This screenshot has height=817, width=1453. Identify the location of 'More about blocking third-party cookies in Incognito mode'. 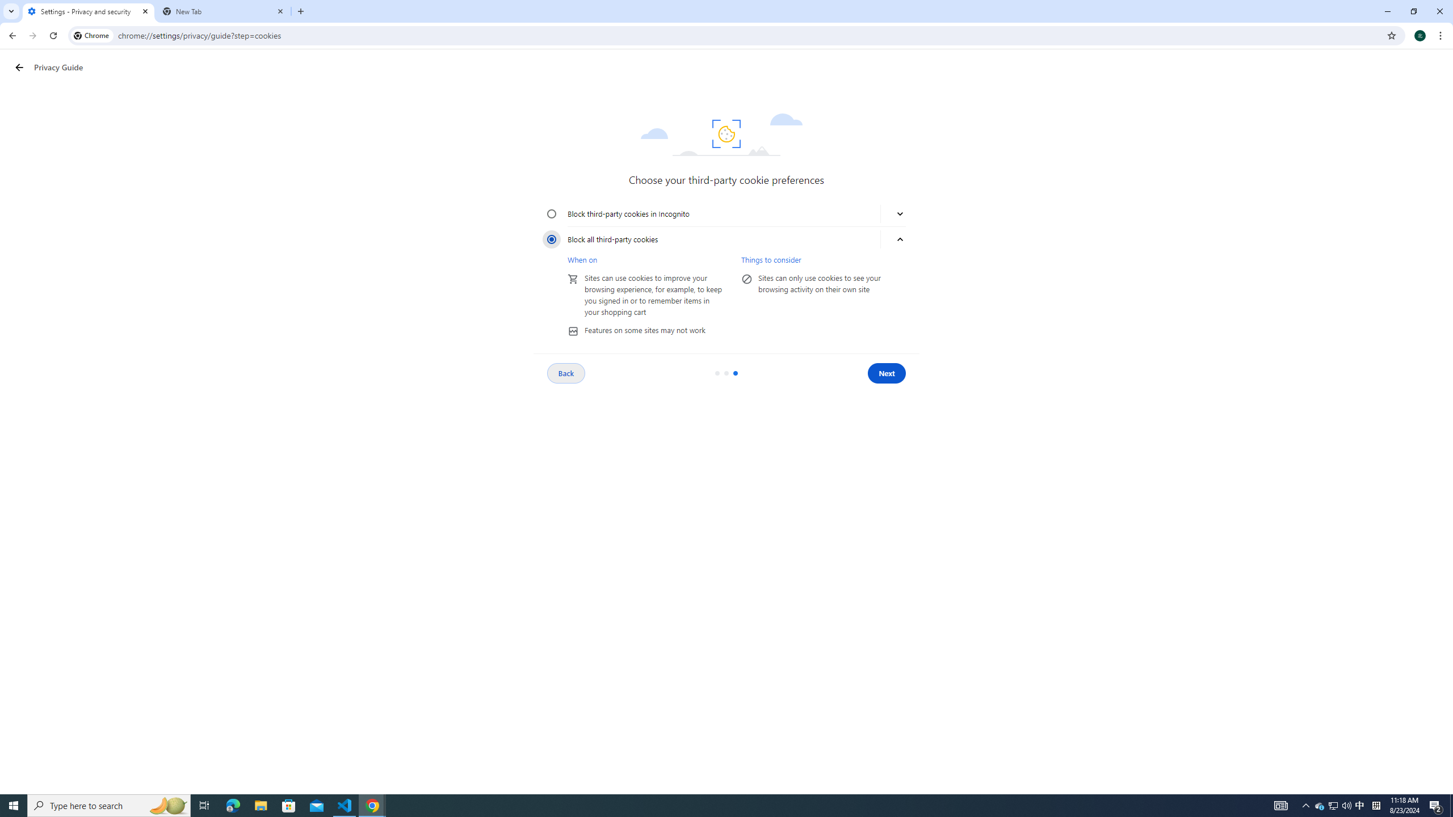
(900, 213).